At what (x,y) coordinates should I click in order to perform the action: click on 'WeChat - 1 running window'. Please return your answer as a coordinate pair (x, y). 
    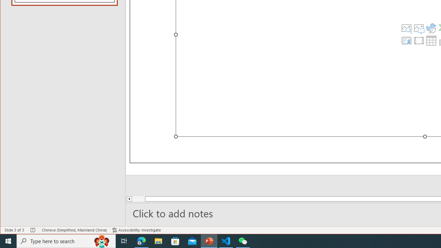
    Looking at the image, I should click on (243, 240).